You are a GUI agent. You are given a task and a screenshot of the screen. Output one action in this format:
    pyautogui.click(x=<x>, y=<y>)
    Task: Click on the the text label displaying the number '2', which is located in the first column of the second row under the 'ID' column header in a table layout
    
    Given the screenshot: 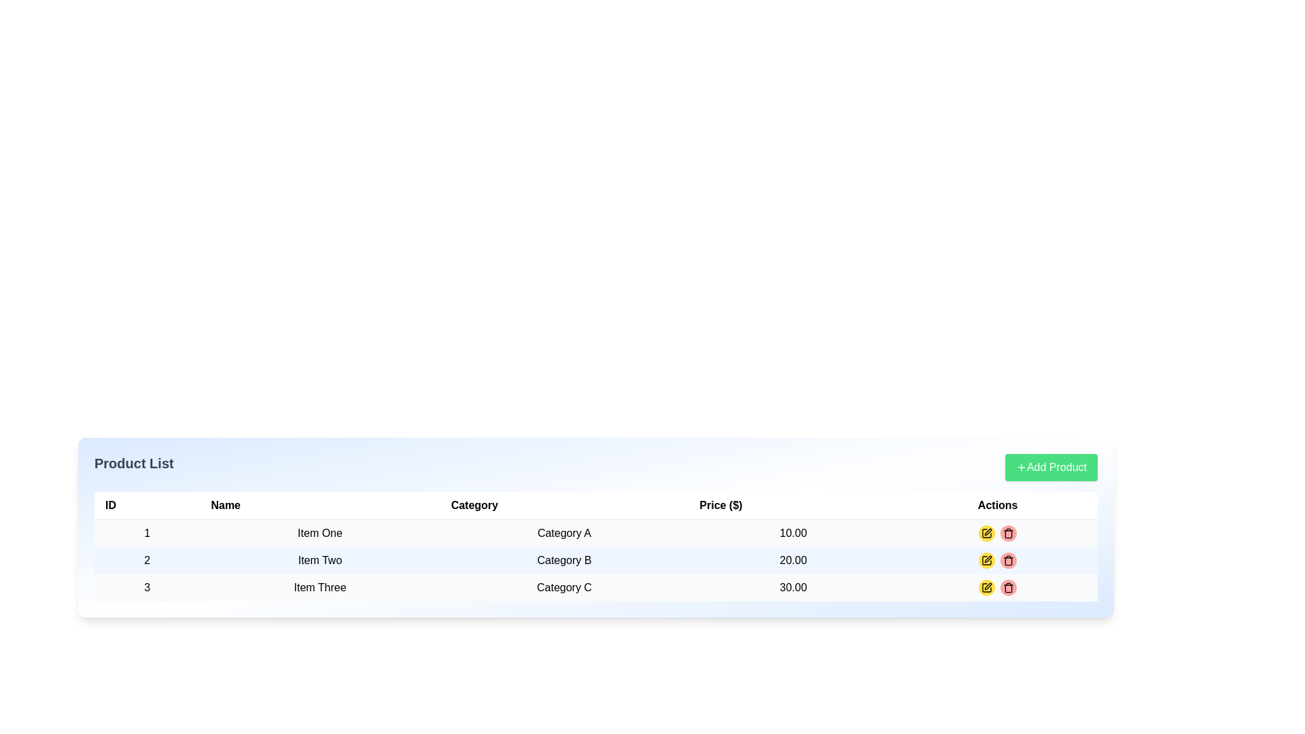 What is the action you would take?
    pyautogui.click(x=147, y=561)
    